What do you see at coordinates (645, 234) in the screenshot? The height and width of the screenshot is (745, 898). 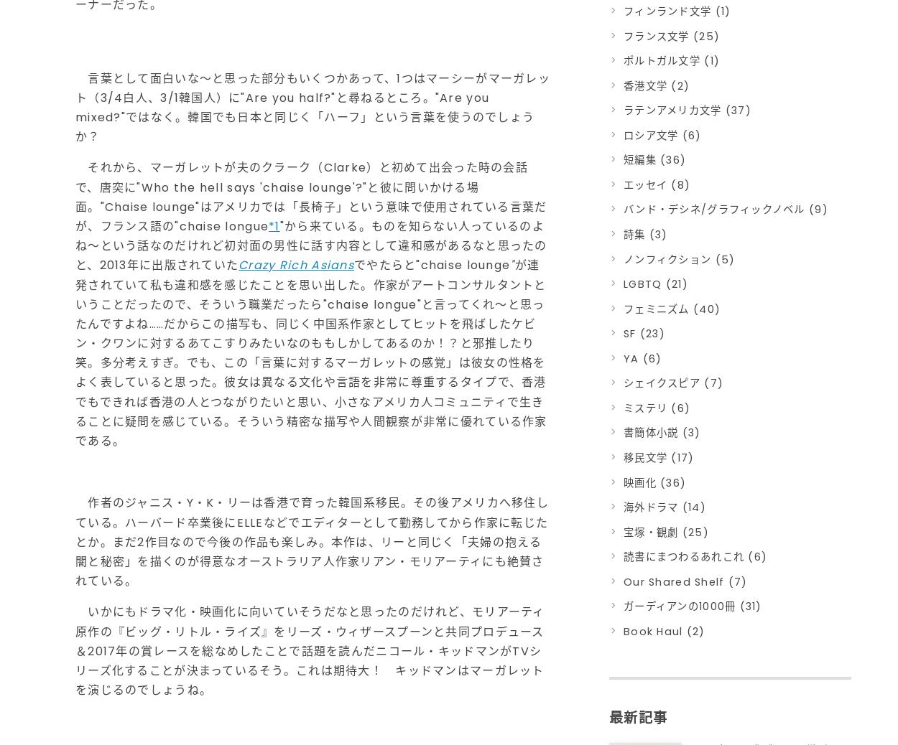 I see `'詩集 (3)'` at bounding box center [645, 234].